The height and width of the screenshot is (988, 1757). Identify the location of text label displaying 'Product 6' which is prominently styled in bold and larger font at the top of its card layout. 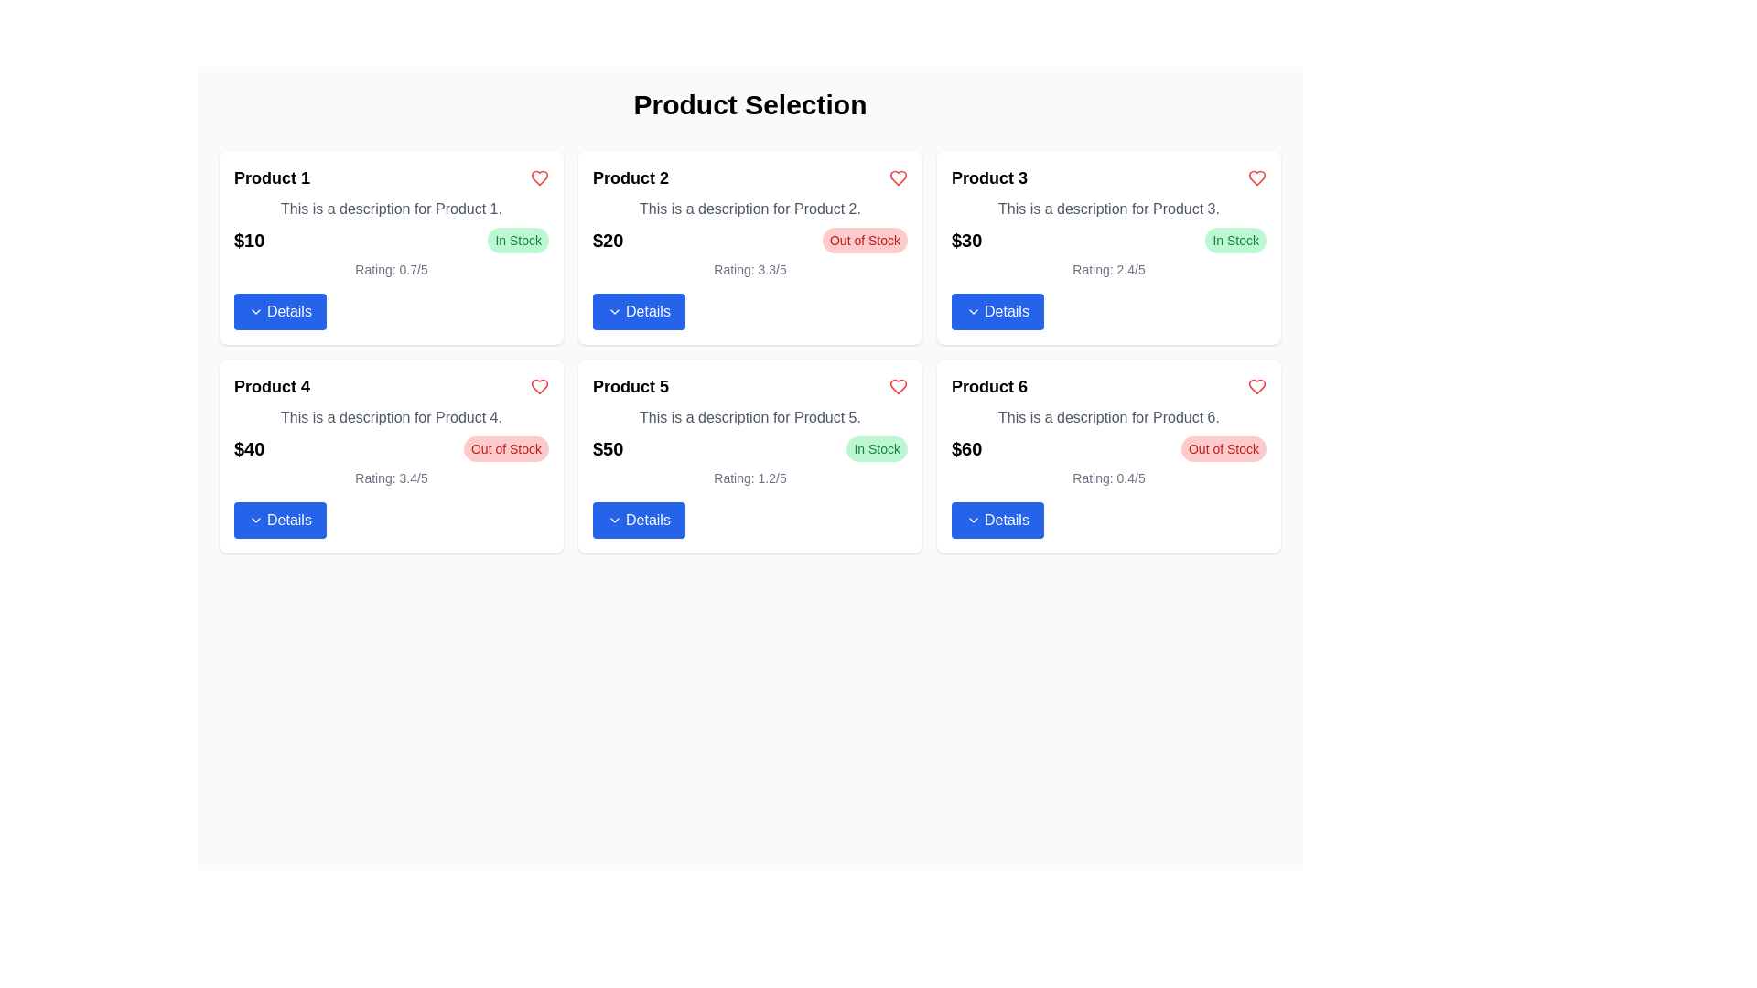
(988, 386).